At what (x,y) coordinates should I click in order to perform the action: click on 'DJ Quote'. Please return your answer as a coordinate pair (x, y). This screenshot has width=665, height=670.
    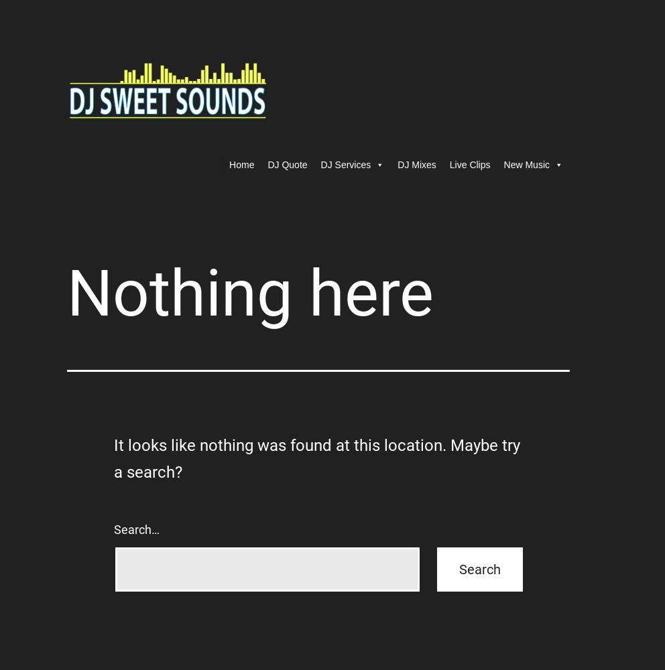
    Looking at the image, I should click on (286, 164).